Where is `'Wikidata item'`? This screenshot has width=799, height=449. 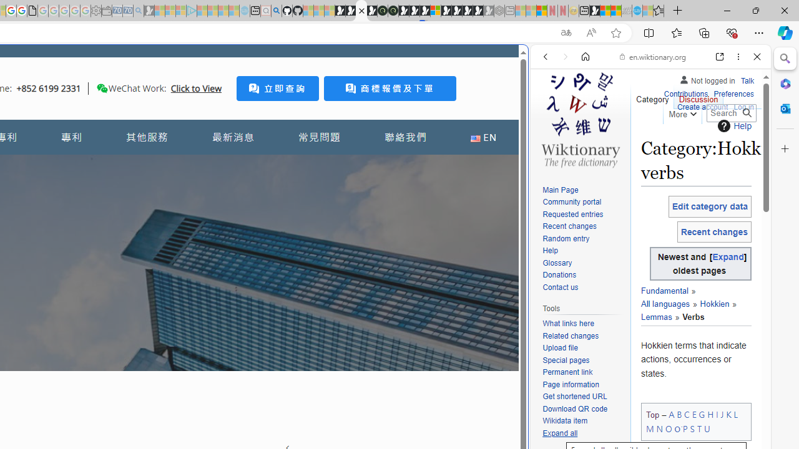
'Wikidata item' is located at coordinates (564, 421).